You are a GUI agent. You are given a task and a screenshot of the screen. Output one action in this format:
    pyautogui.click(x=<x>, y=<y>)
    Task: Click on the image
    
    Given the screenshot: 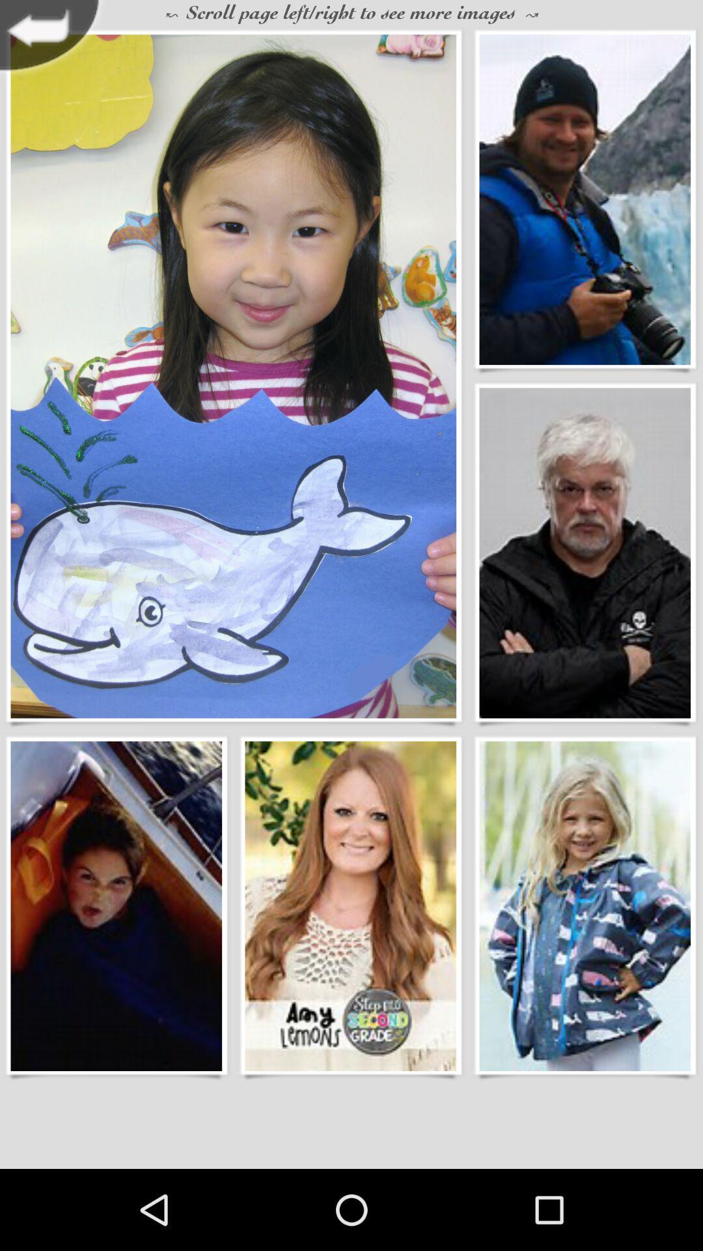 What is the action you would take?
    pyautogui.click(x=584, y=553)
    